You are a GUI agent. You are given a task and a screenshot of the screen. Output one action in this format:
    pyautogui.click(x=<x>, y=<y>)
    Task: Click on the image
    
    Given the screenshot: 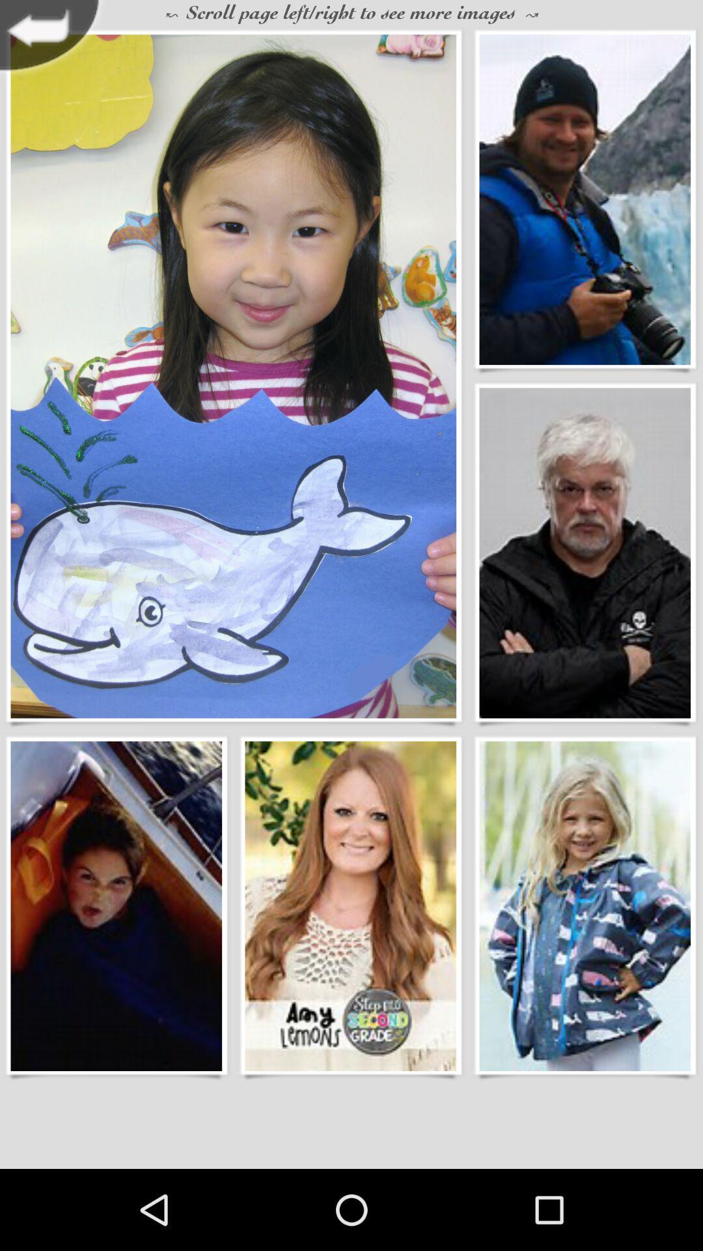 What is the action you would take?
    pyautogui.click(x=584, y=553)
    